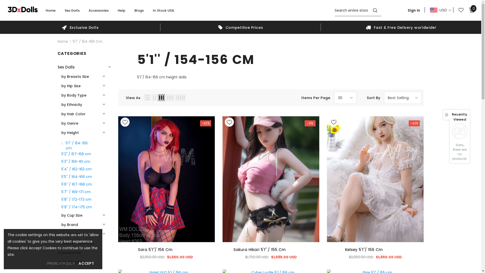 The height and width of the screenshot is (273, 485). Describe the element at coordinates (76, 199) in the screenshot. I see `'5'8'' / 172-173 cm'` at that location.